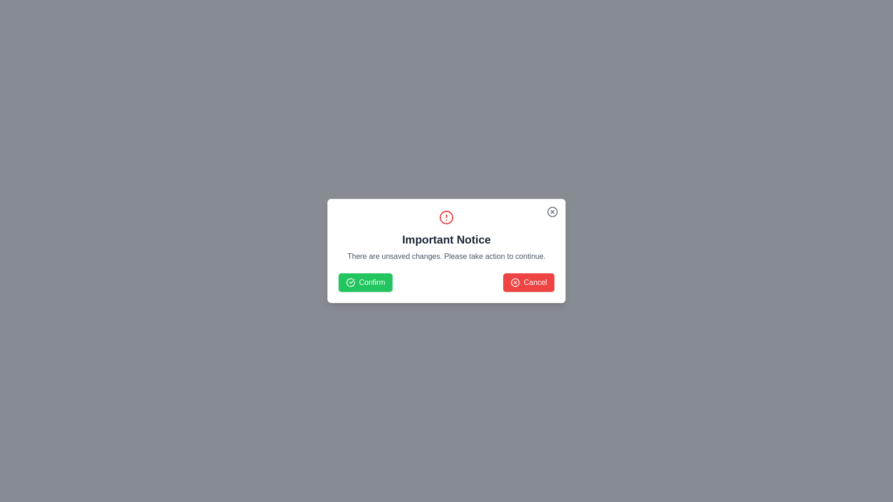  I want to click on the green circular SVG icon with a checkmark located near the left 'Confirm' button in the modal dialog, so click(350, 282).